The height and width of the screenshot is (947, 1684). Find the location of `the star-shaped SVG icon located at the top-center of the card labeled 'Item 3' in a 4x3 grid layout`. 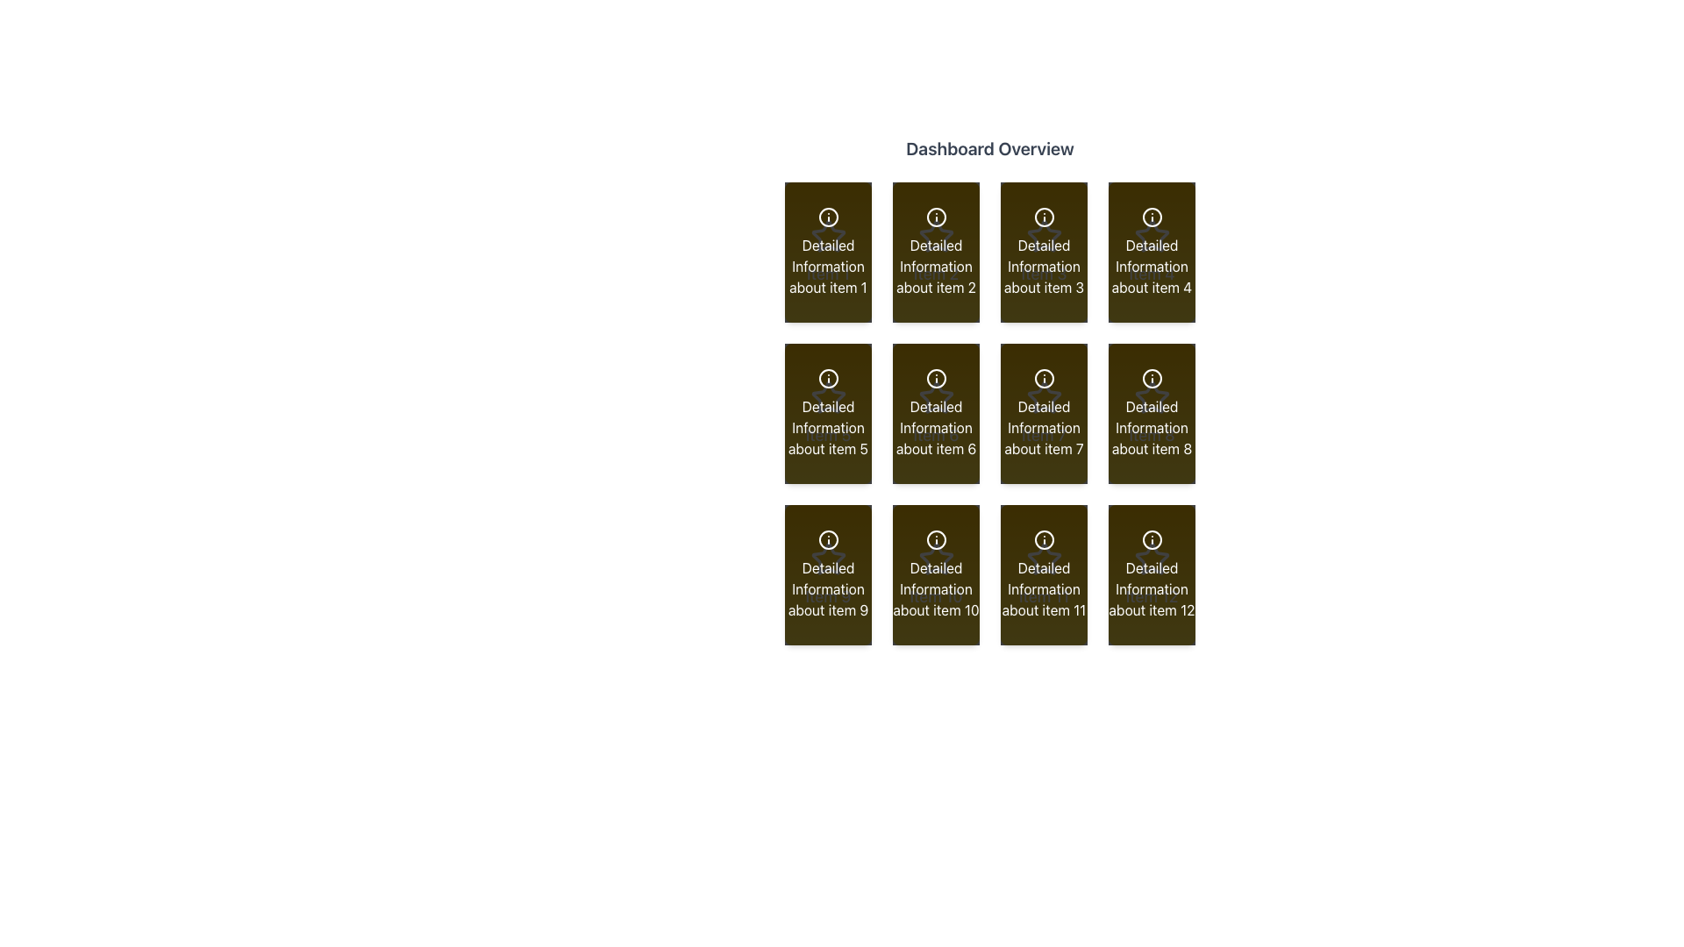

the star-shaped SVG icon located at the top-center of the card labeled 'Item 3' in a 4x3 grid layout is located at coordinates (1044, 237).